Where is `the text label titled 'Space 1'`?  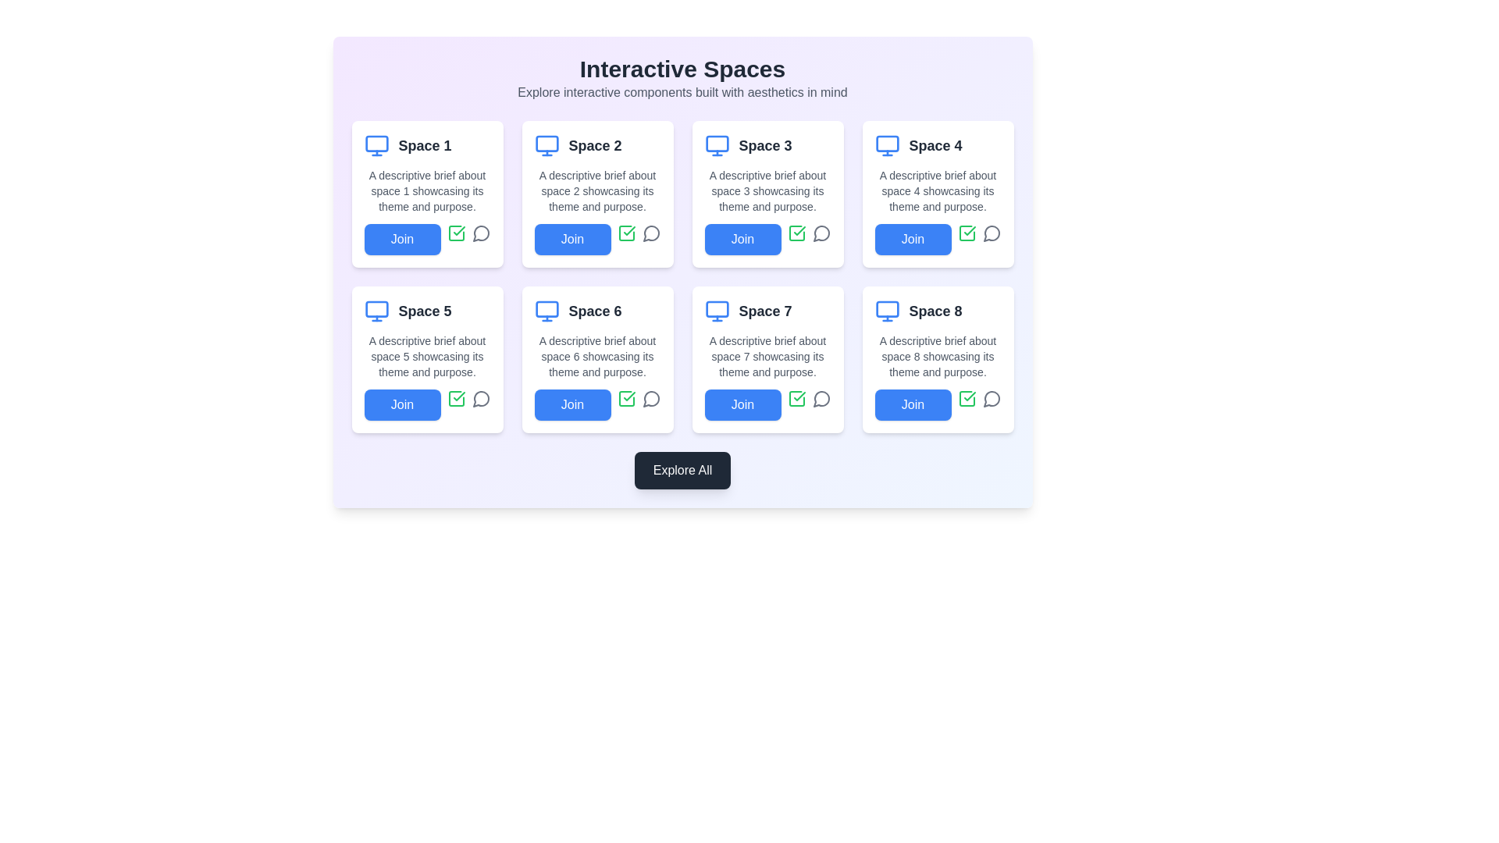
the text label titled 'Space 1' is located at coordinates (425, 145).